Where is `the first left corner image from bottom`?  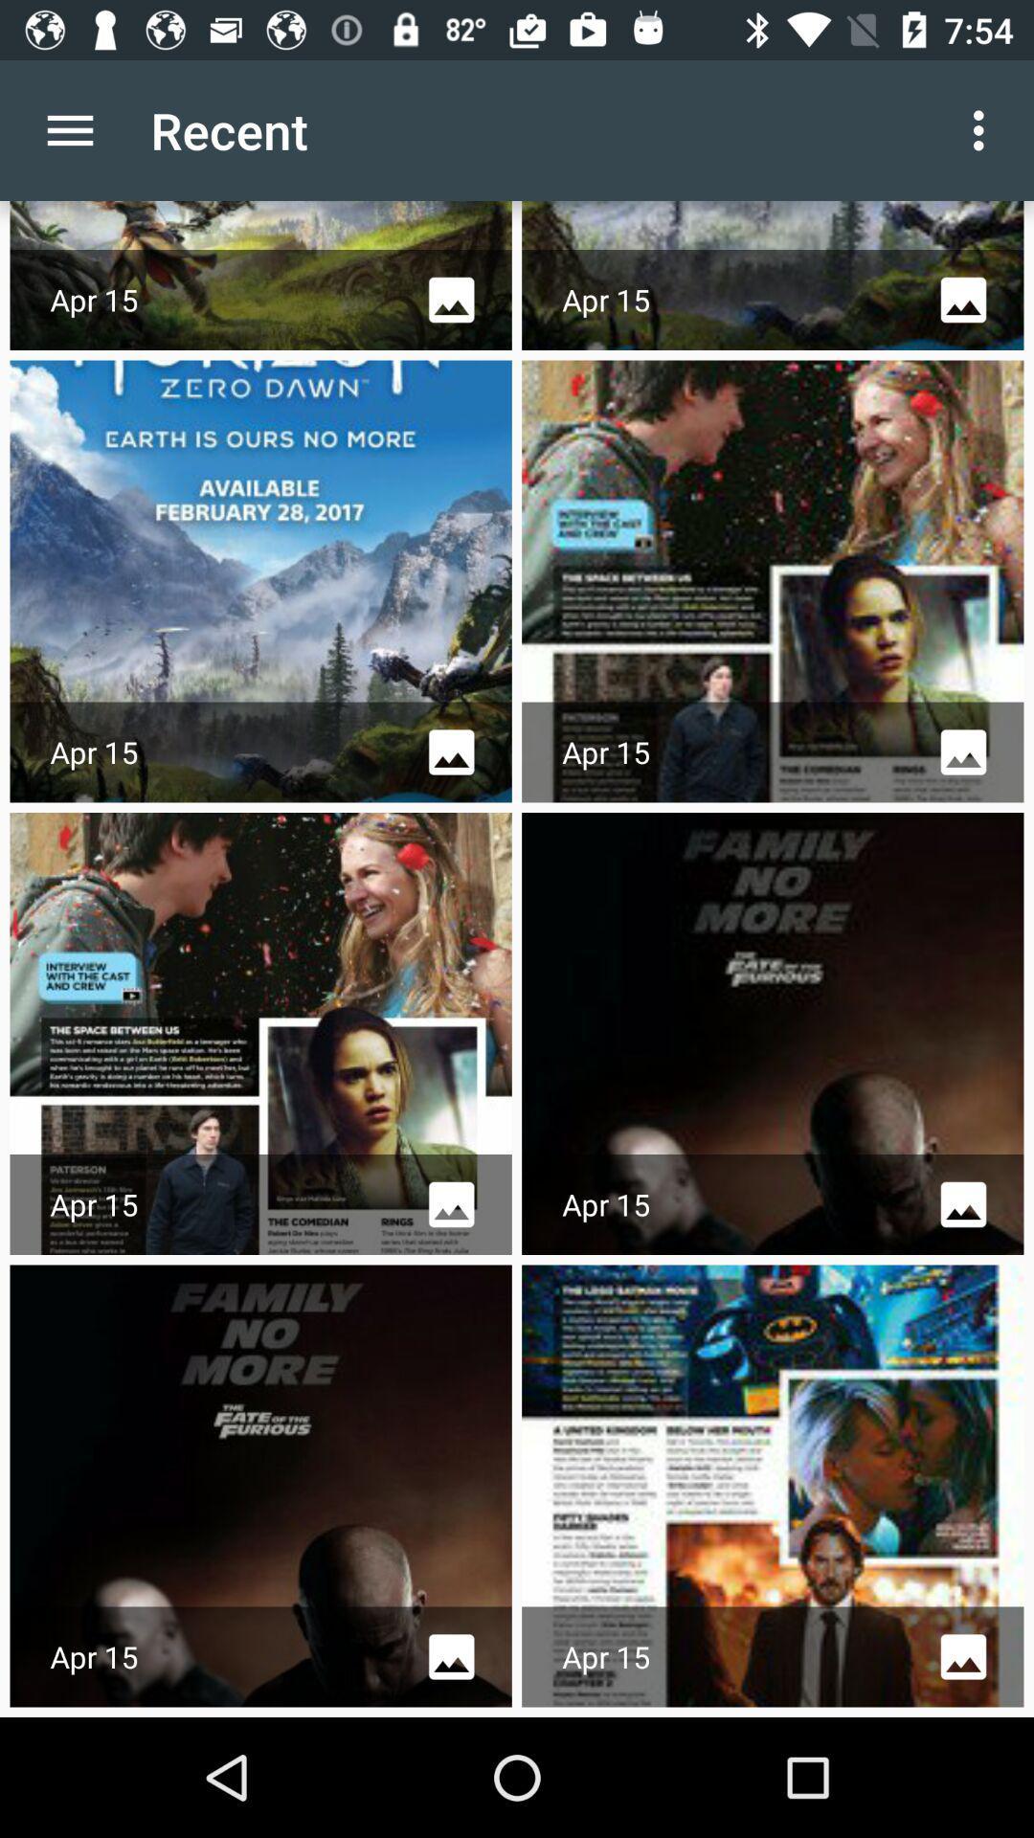
the first left corner image from bottom is located at coordinates (261, 1486).